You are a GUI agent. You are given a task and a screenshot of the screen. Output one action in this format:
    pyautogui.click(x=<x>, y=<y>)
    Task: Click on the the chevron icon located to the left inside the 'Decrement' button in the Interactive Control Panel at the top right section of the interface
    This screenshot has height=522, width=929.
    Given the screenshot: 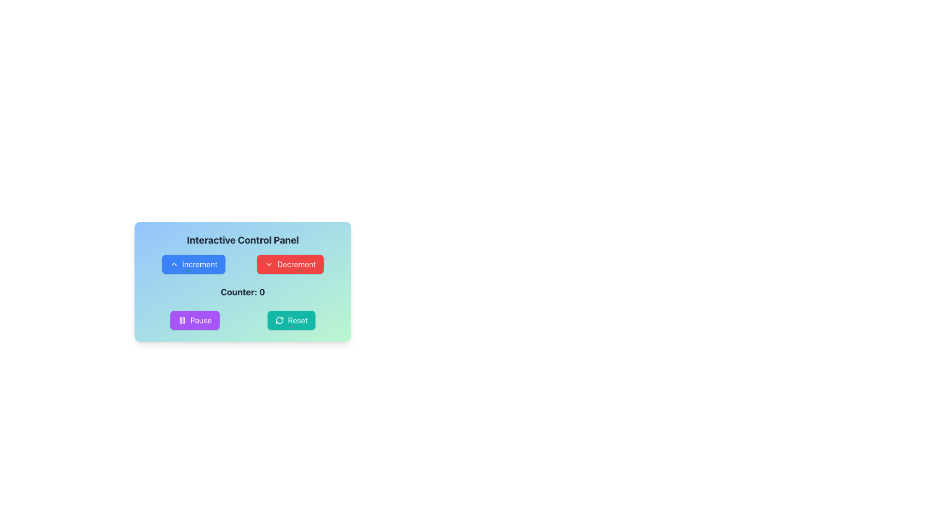 What is the action you would take?
    pyautogui.click(x=269, y=264)
    